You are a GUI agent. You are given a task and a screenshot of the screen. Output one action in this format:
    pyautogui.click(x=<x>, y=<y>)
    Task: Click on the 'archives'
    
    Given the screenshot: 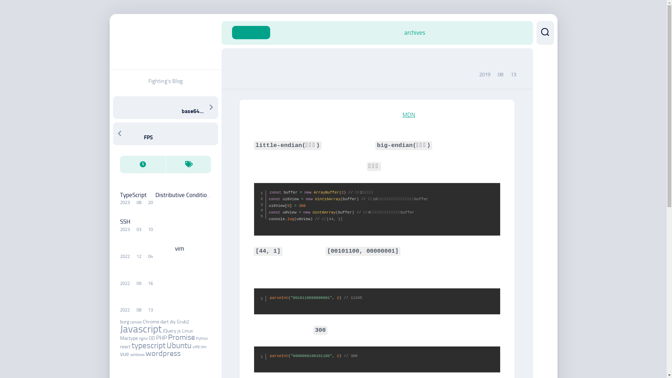 What is the action you would take?
    pyautogui.click(x=414, y=32)
    